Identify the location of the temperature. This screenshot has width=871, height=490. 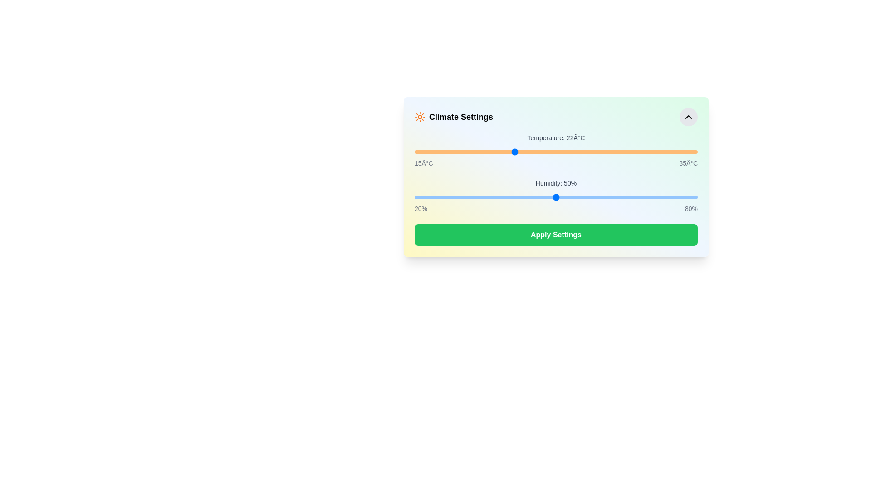
(612, 152).